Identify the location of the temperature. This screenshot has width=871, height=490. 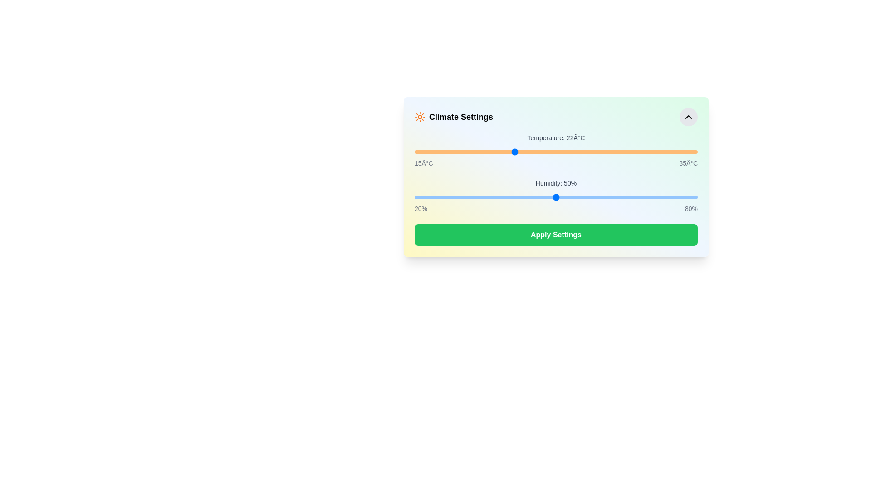
(612, 152).